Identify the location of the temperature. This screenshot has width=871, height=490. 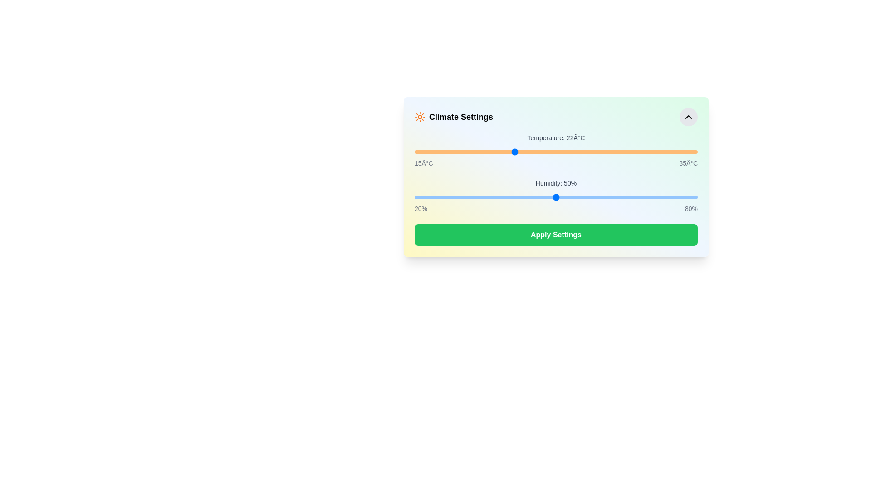
(612, 152).